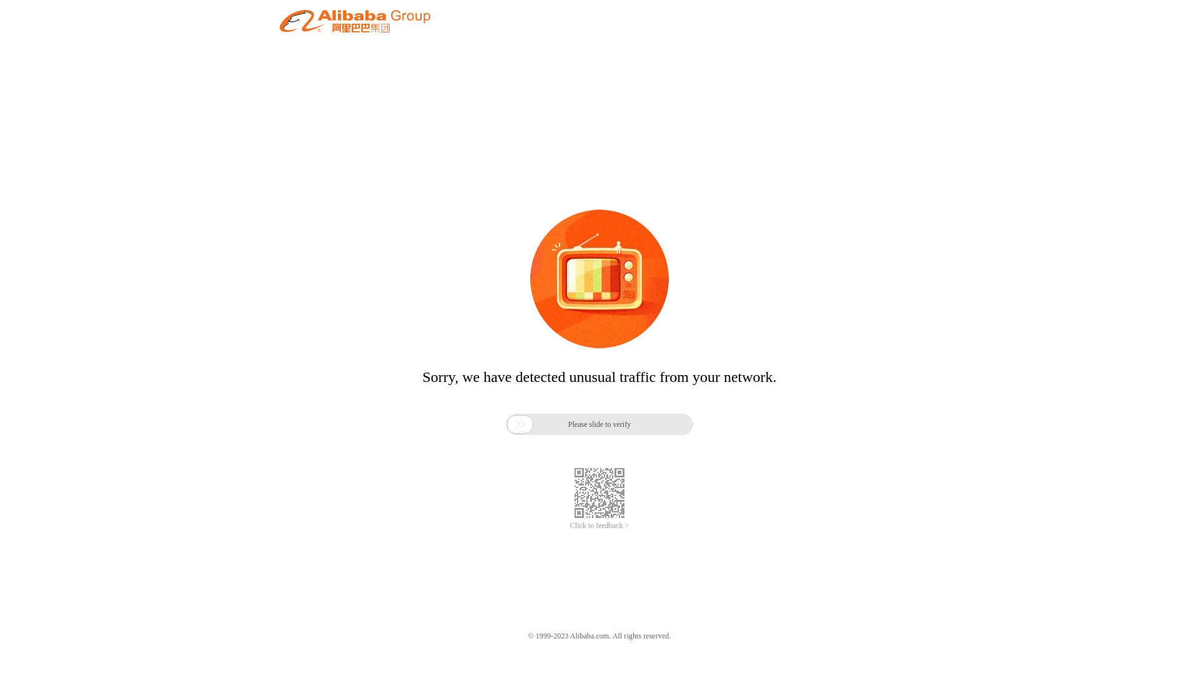  Describe the element at coordinates (599, 525) in the screenshot. I see `'Click to feedback >'` at that location.